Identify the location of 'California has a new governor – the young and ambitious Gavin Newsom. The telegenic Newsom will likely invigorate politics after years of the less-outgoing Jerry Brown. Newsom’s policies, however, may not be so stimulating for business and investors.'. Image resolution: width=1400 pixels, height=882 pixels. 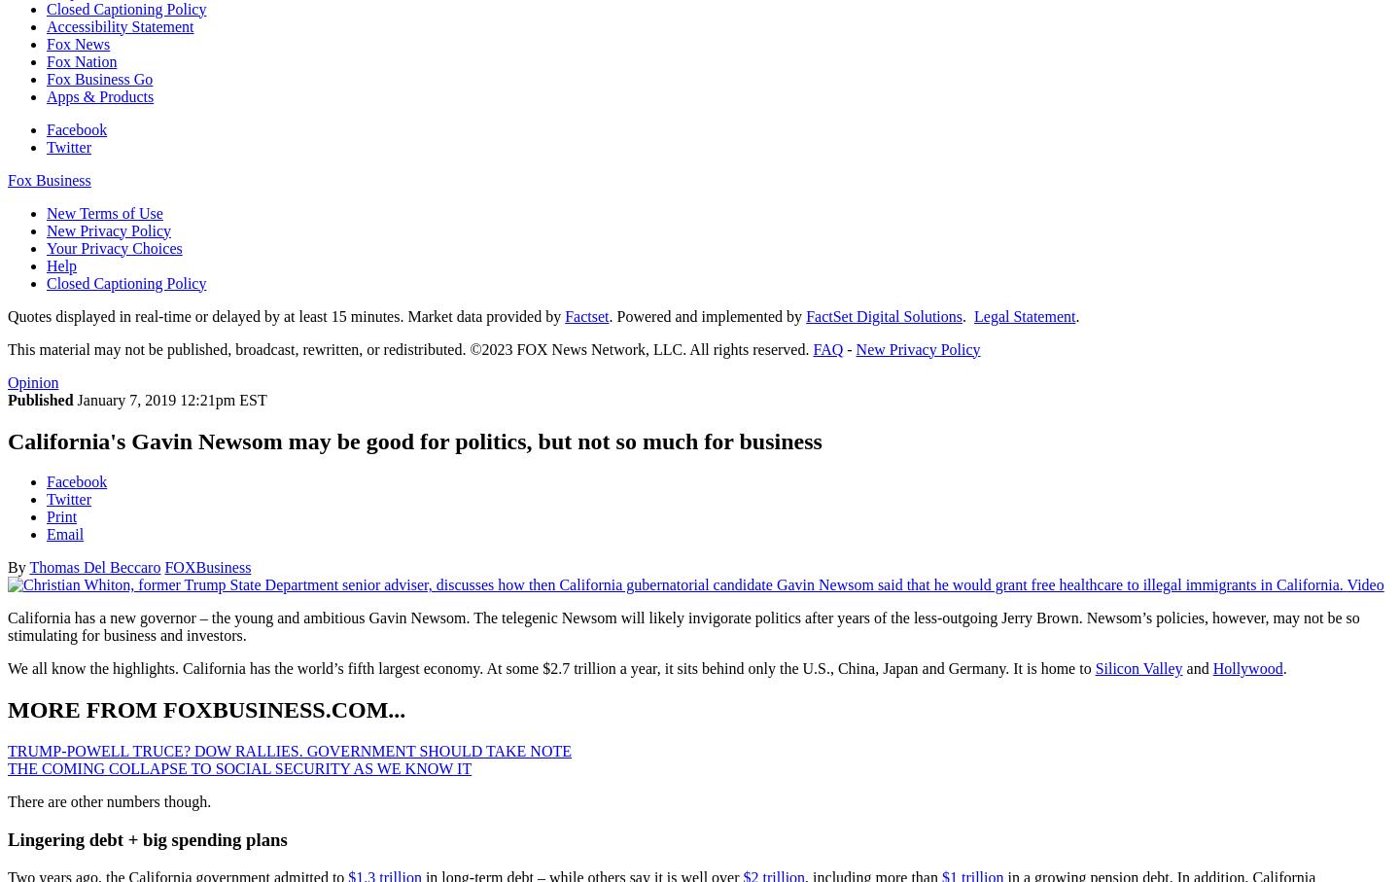
(683, 626).